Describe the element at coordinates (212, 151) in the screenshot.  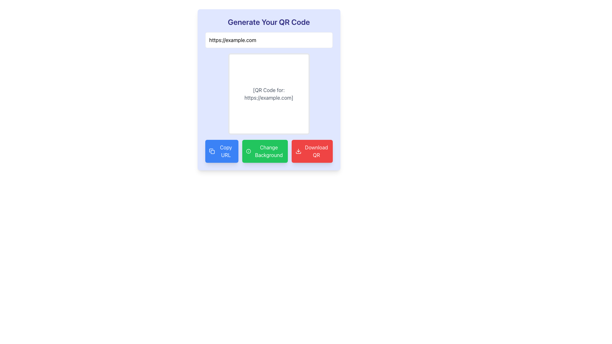
I see `the 'Copy URL' icon located to the left of the blue button labeled 'Copy URL' in the bottom row of buttons` at that location.